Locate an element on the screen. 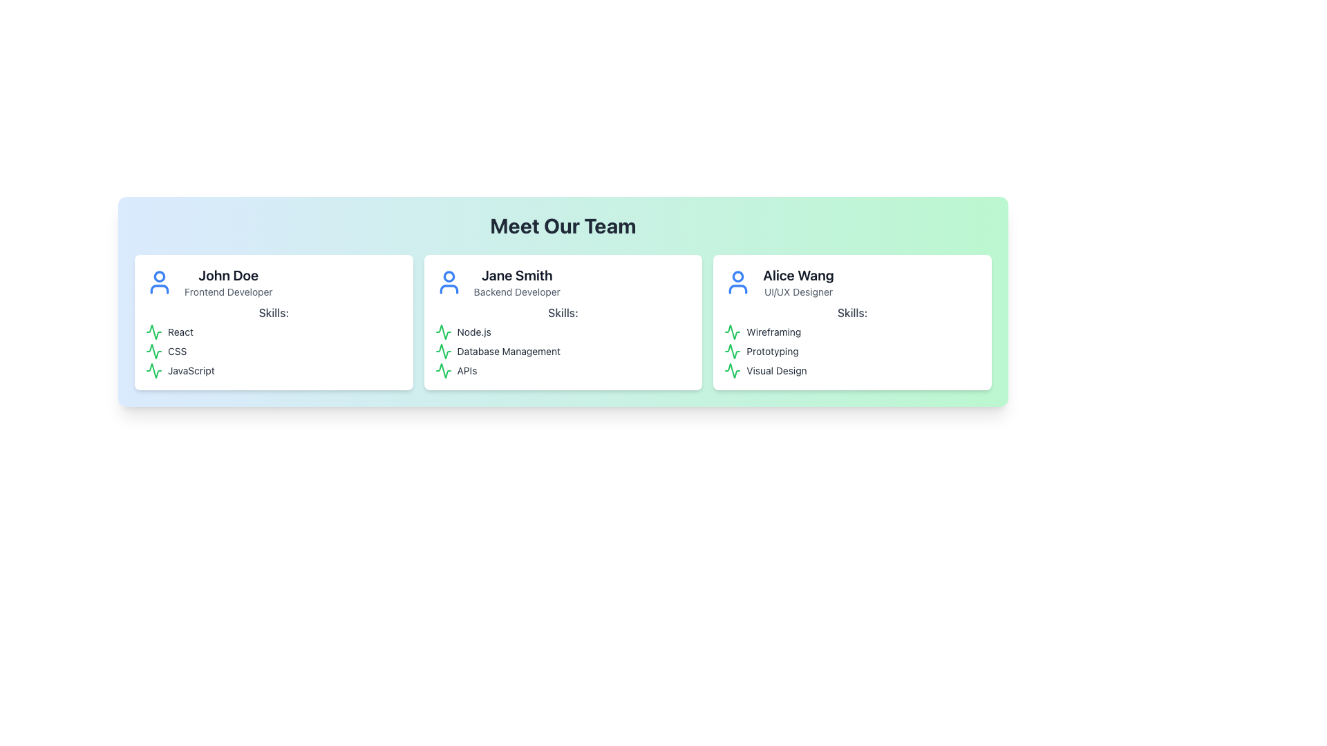 This screenshot has height=746, width=1327. the text label 'Alice Wang' from the top of the rightmost card in the 'Meet Our Team' grid is located at coordinates (798, 275).